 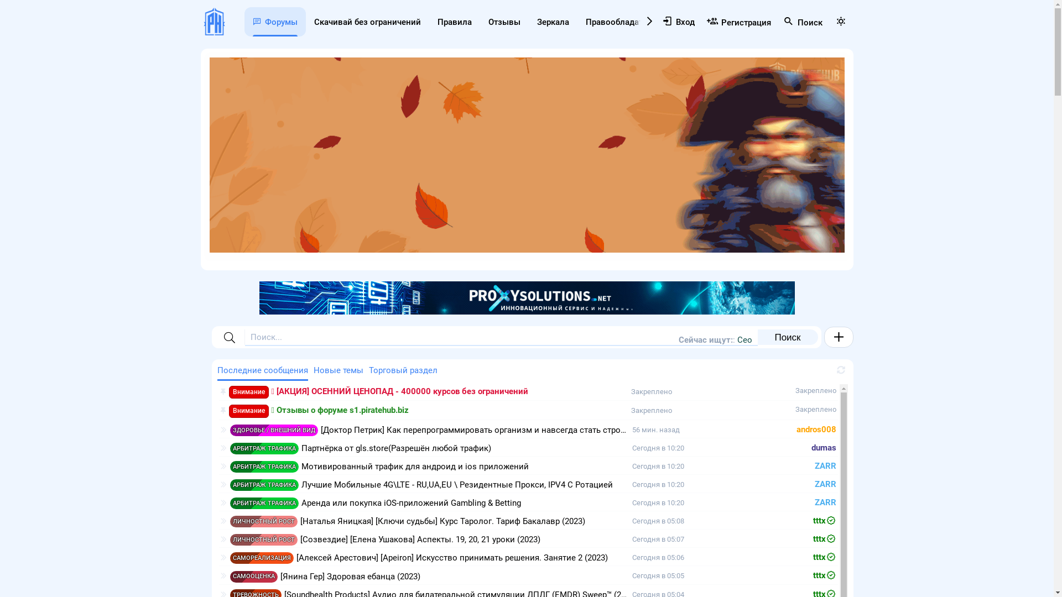 I want to click on 'andros008', so click(x=796, y=429).